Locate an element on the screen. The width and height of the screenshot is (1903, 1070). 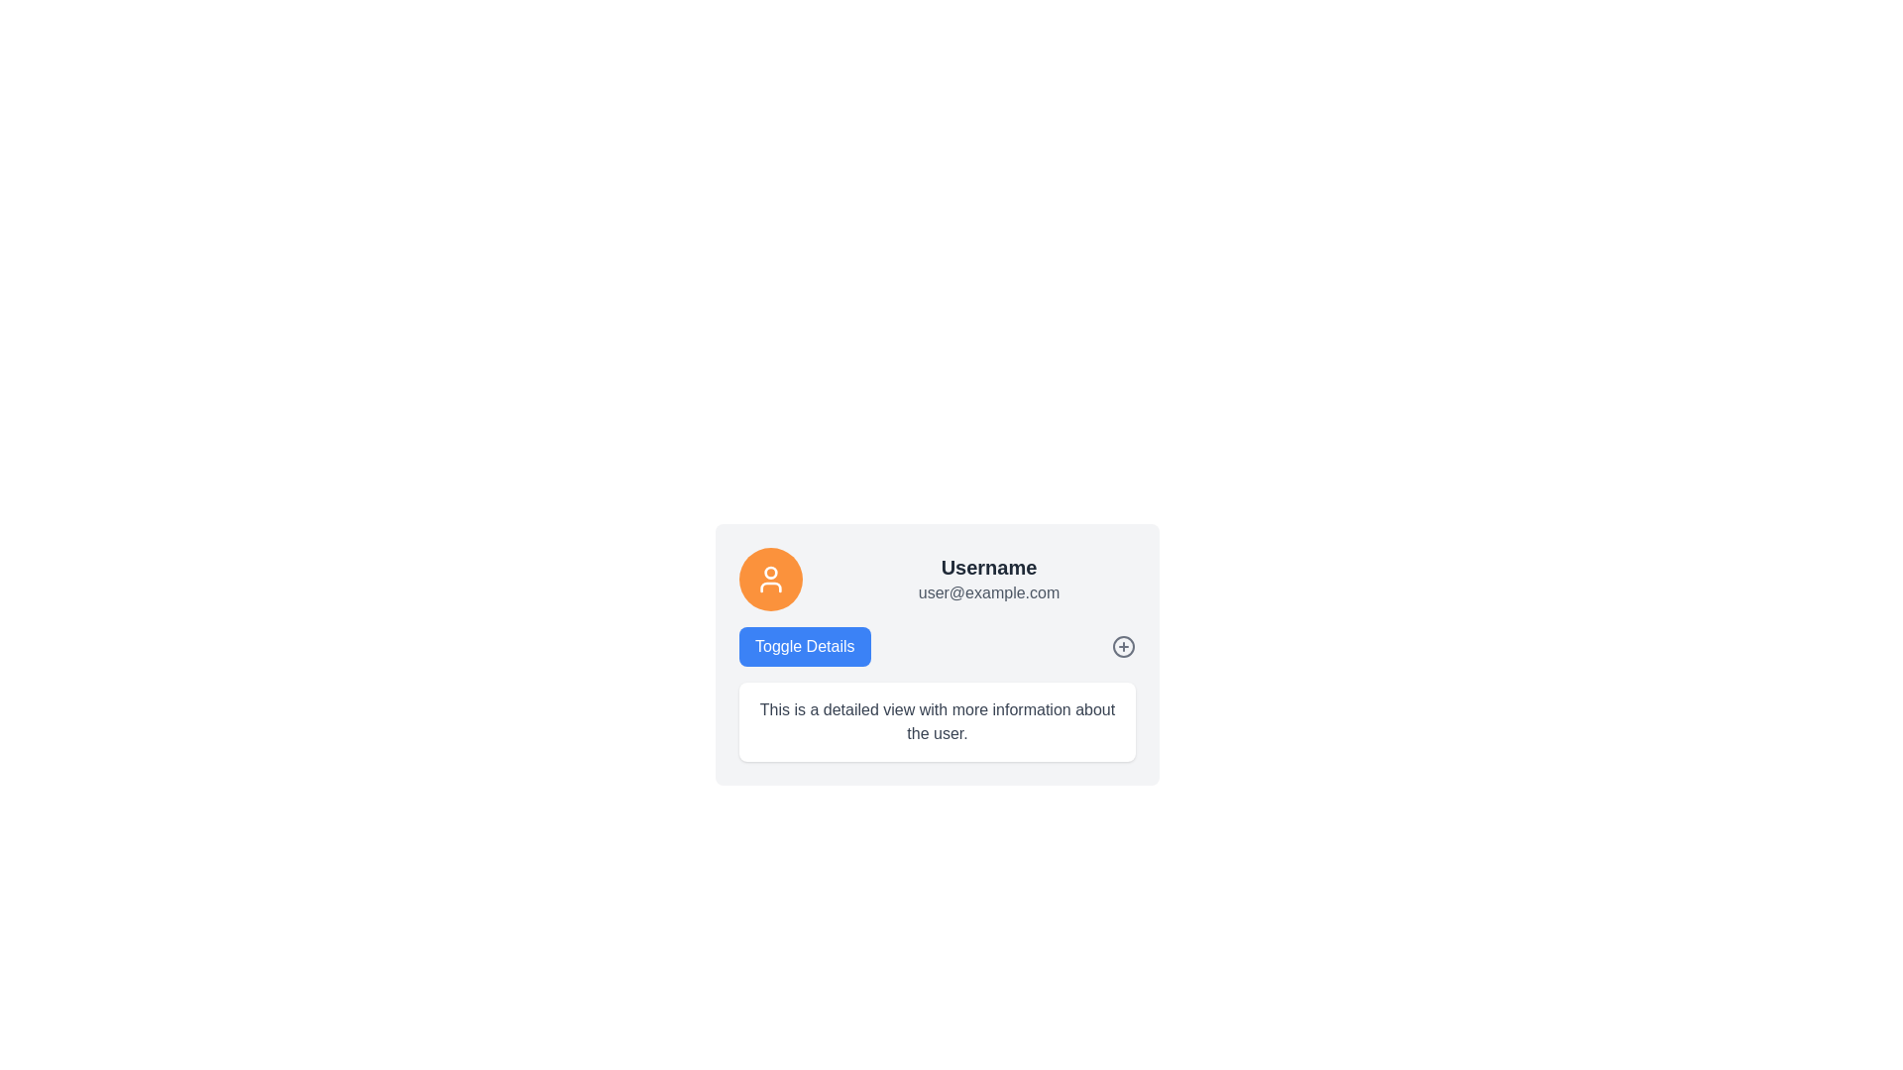
information displayed in the text block located at the bottom section of the user profile box, centered horizontally just below the 'Toggle Details' button is located at coordinates (936, 722).